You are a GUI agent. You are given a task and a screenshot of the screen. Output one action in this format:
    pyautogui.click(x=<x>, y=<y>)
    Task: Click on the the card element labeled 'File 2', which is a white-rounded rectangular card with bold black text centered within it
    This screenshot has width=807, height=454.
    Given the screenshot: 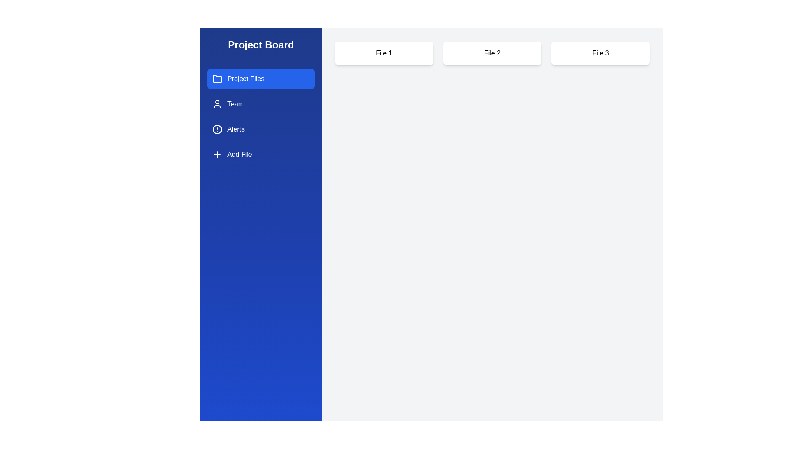 What is the action you would take?
    pyautogui.click(x=492, y=53)
    